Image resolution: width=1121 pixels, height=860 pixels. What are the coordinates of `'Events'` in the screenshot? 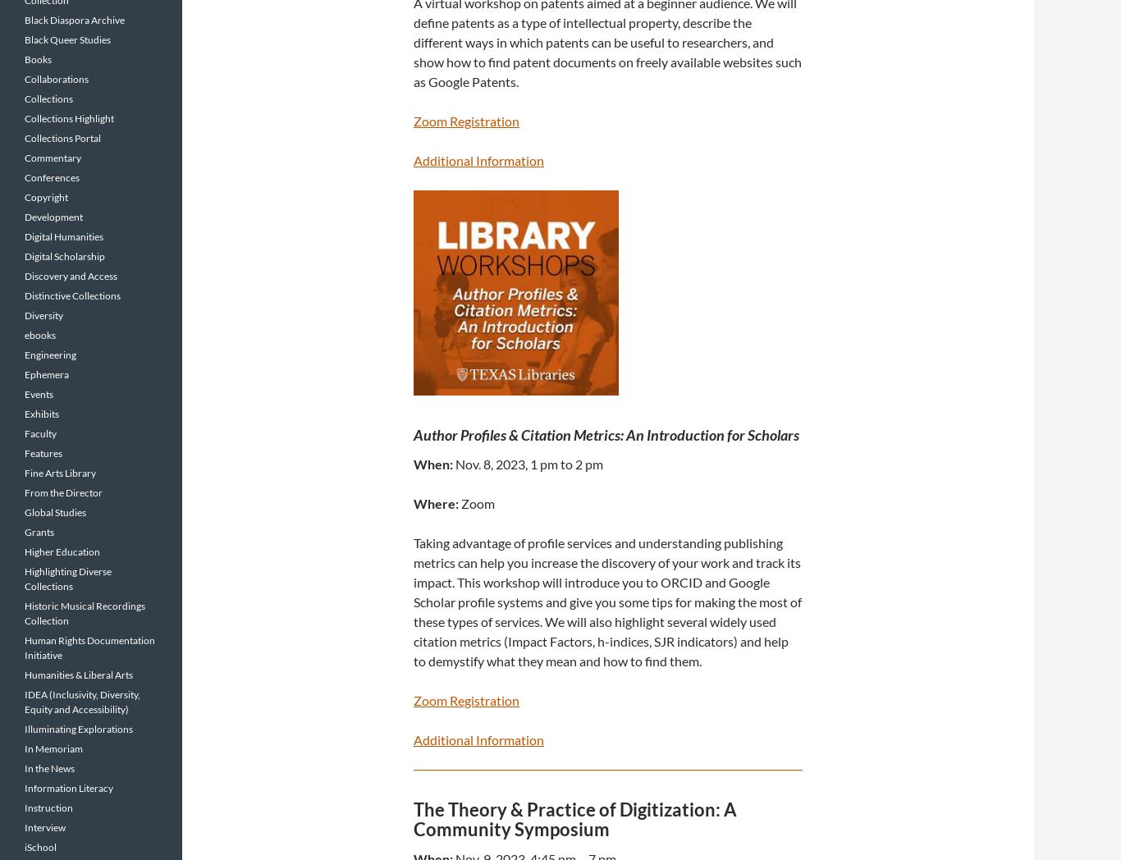 It's located at (39, 393).